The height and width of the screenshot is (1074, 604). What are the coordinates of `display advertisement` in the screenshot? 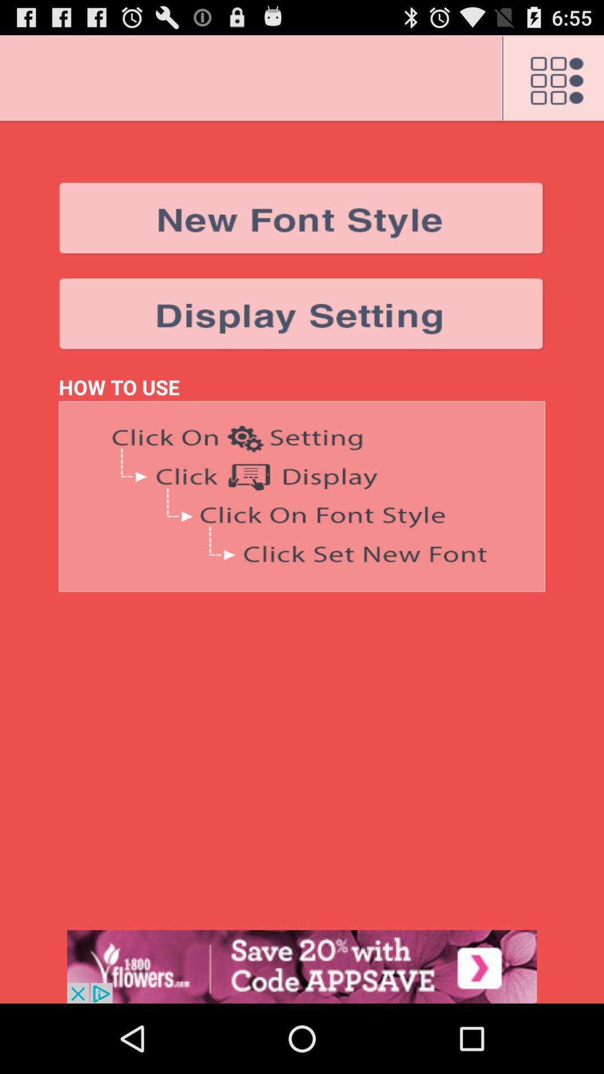 It's located at (302, 966).